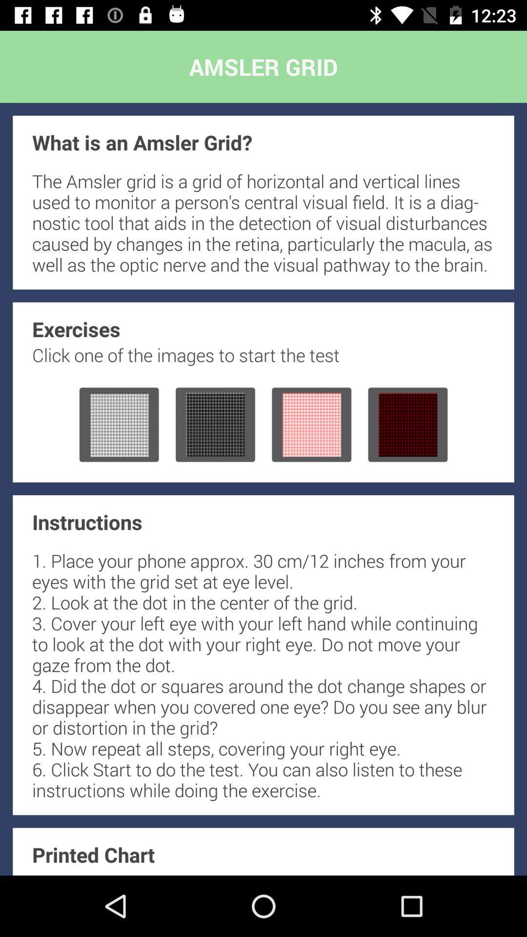  What do you see at coordinates (215, 425) in the screenshot?
I see `start test` at bounding box center [215, 425].